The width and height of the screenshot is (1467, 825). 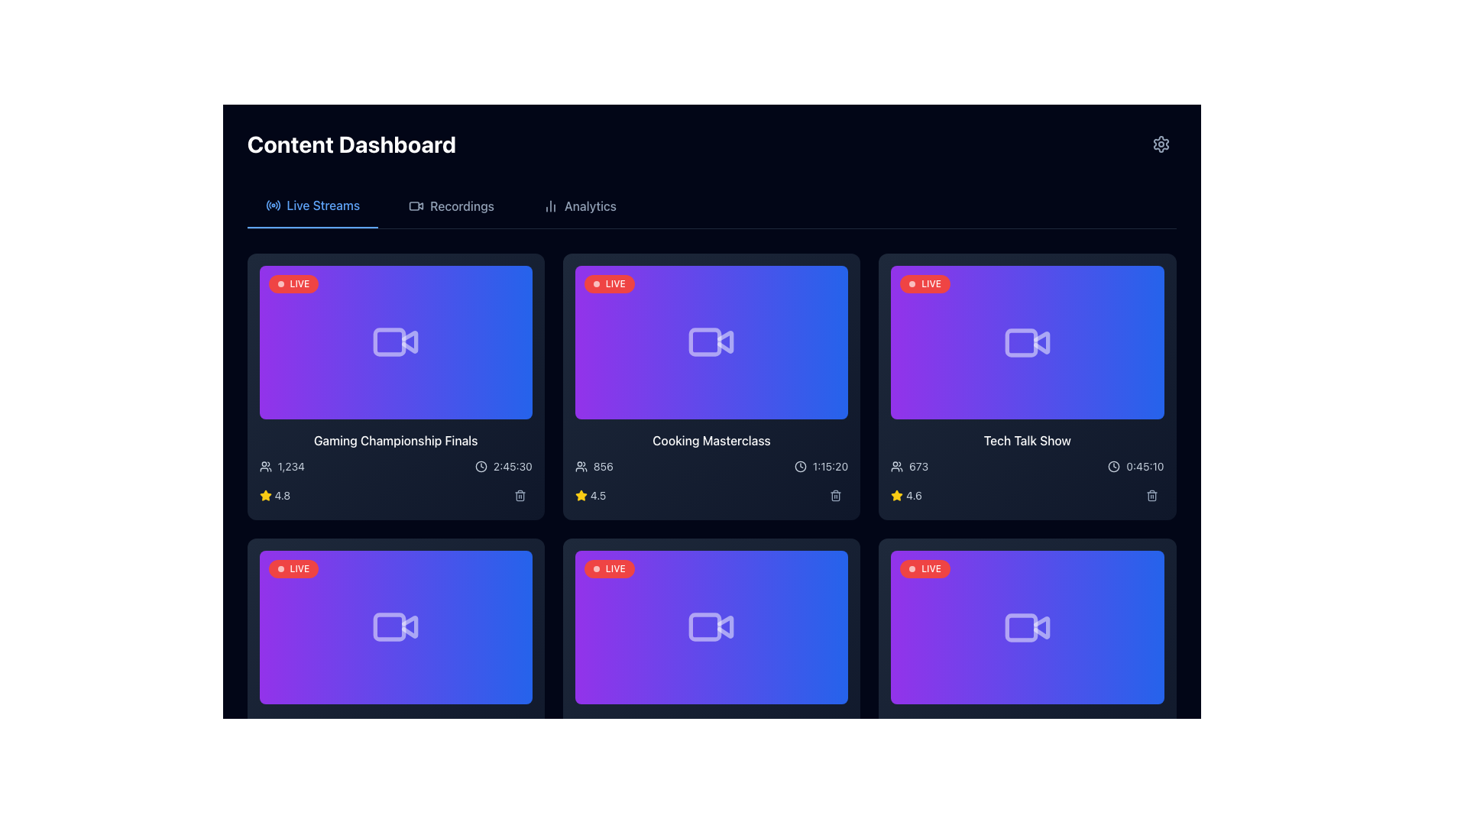 What do you see at coordinates (265, 495) in the screenshot?
I see `the five-pointed star icon with a yellow fill that indicates a rating of '4.8', located in the rating section of the first card` at bounding box center [265, 495].